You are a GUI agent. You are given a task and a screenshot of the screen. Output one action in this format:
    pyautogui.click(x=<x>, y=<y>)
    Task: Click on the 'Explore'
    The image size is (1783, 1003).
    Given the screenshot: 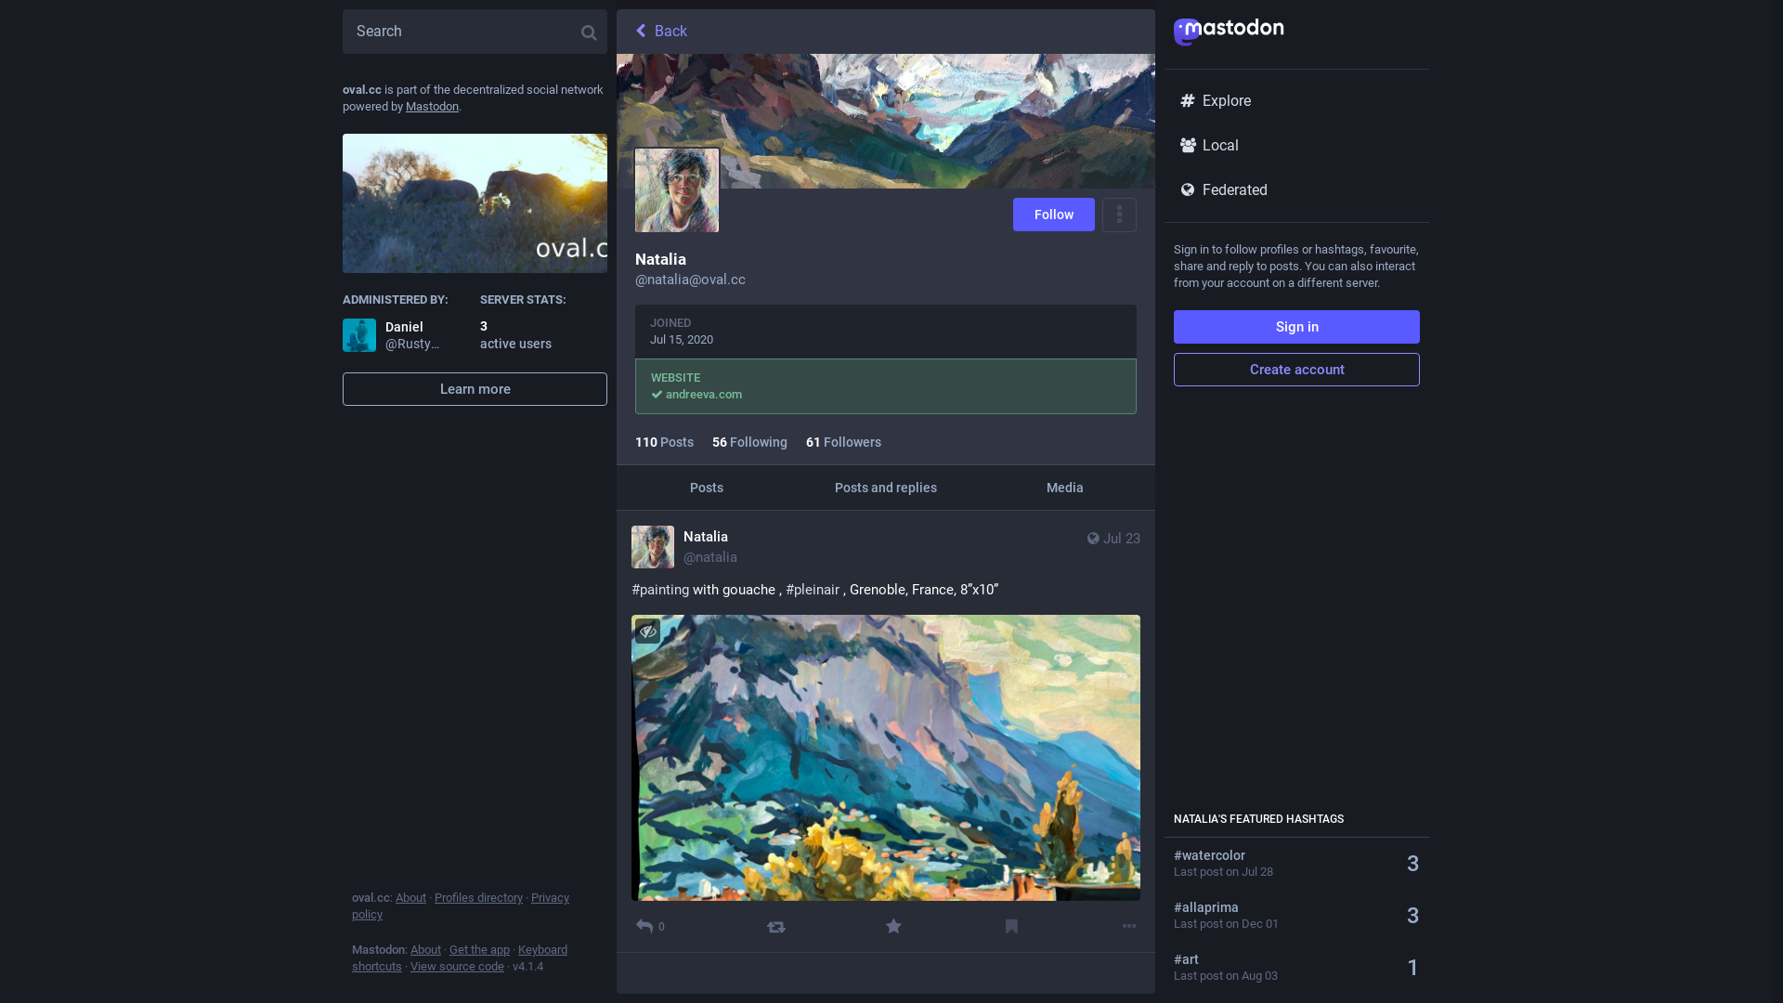 What is the action you would take?
    pyautogui.click(x=1295, y=100)
    